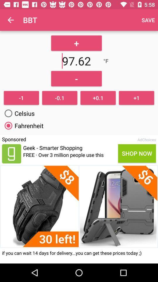  What do you see at coordinates (79, 206) in the screenshot?
I see `the article page` at bounding box center [79, 206].